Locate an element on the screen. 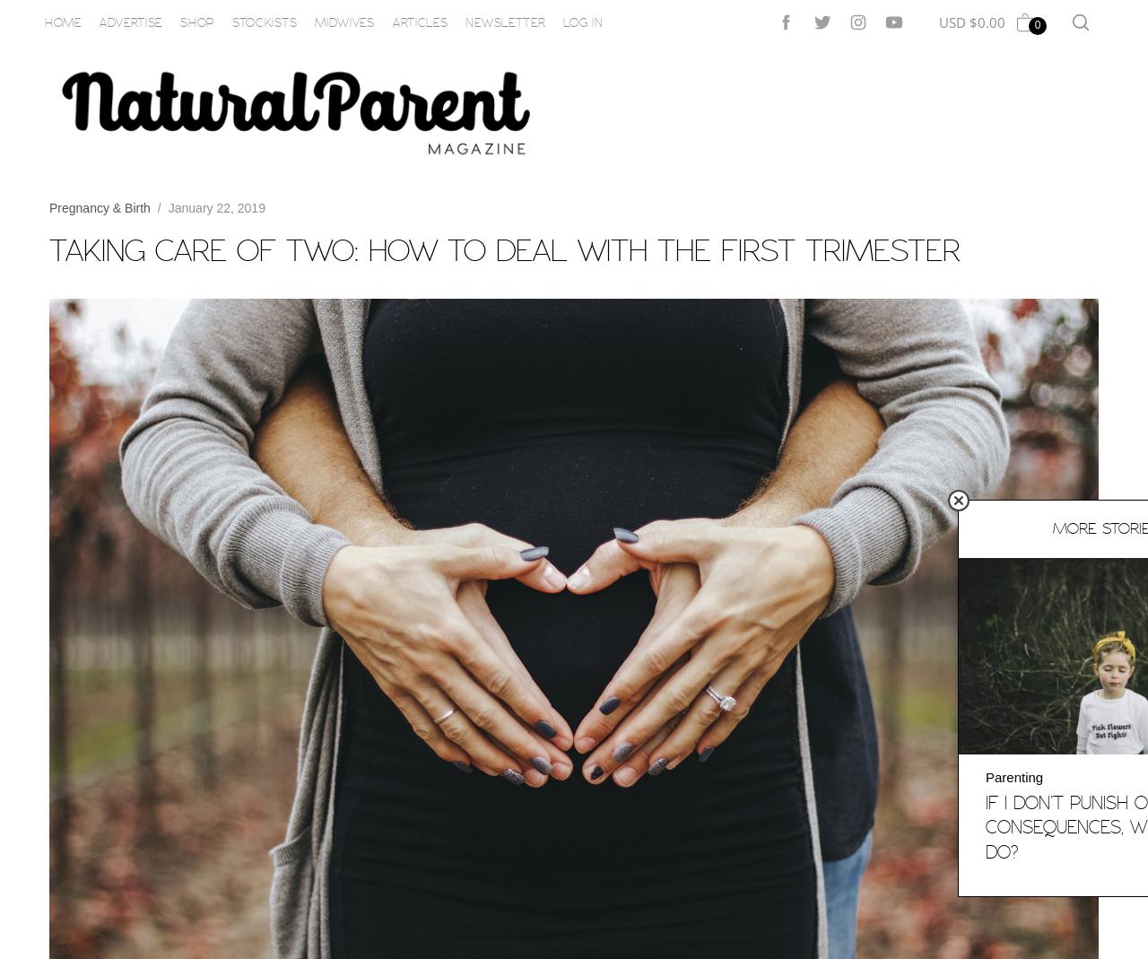 The width and height of the screenshot is (1148, 959). 'Home' is located at coordinates (63, 21).